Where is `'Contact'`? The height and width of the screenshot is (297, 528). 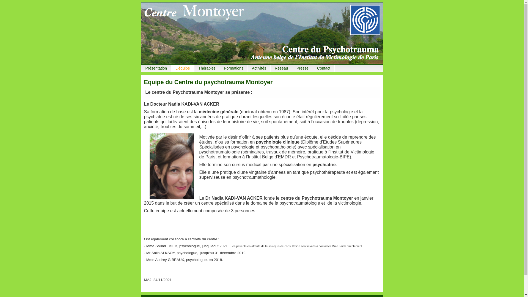
'Contact' is located at coordinates (324, 68).